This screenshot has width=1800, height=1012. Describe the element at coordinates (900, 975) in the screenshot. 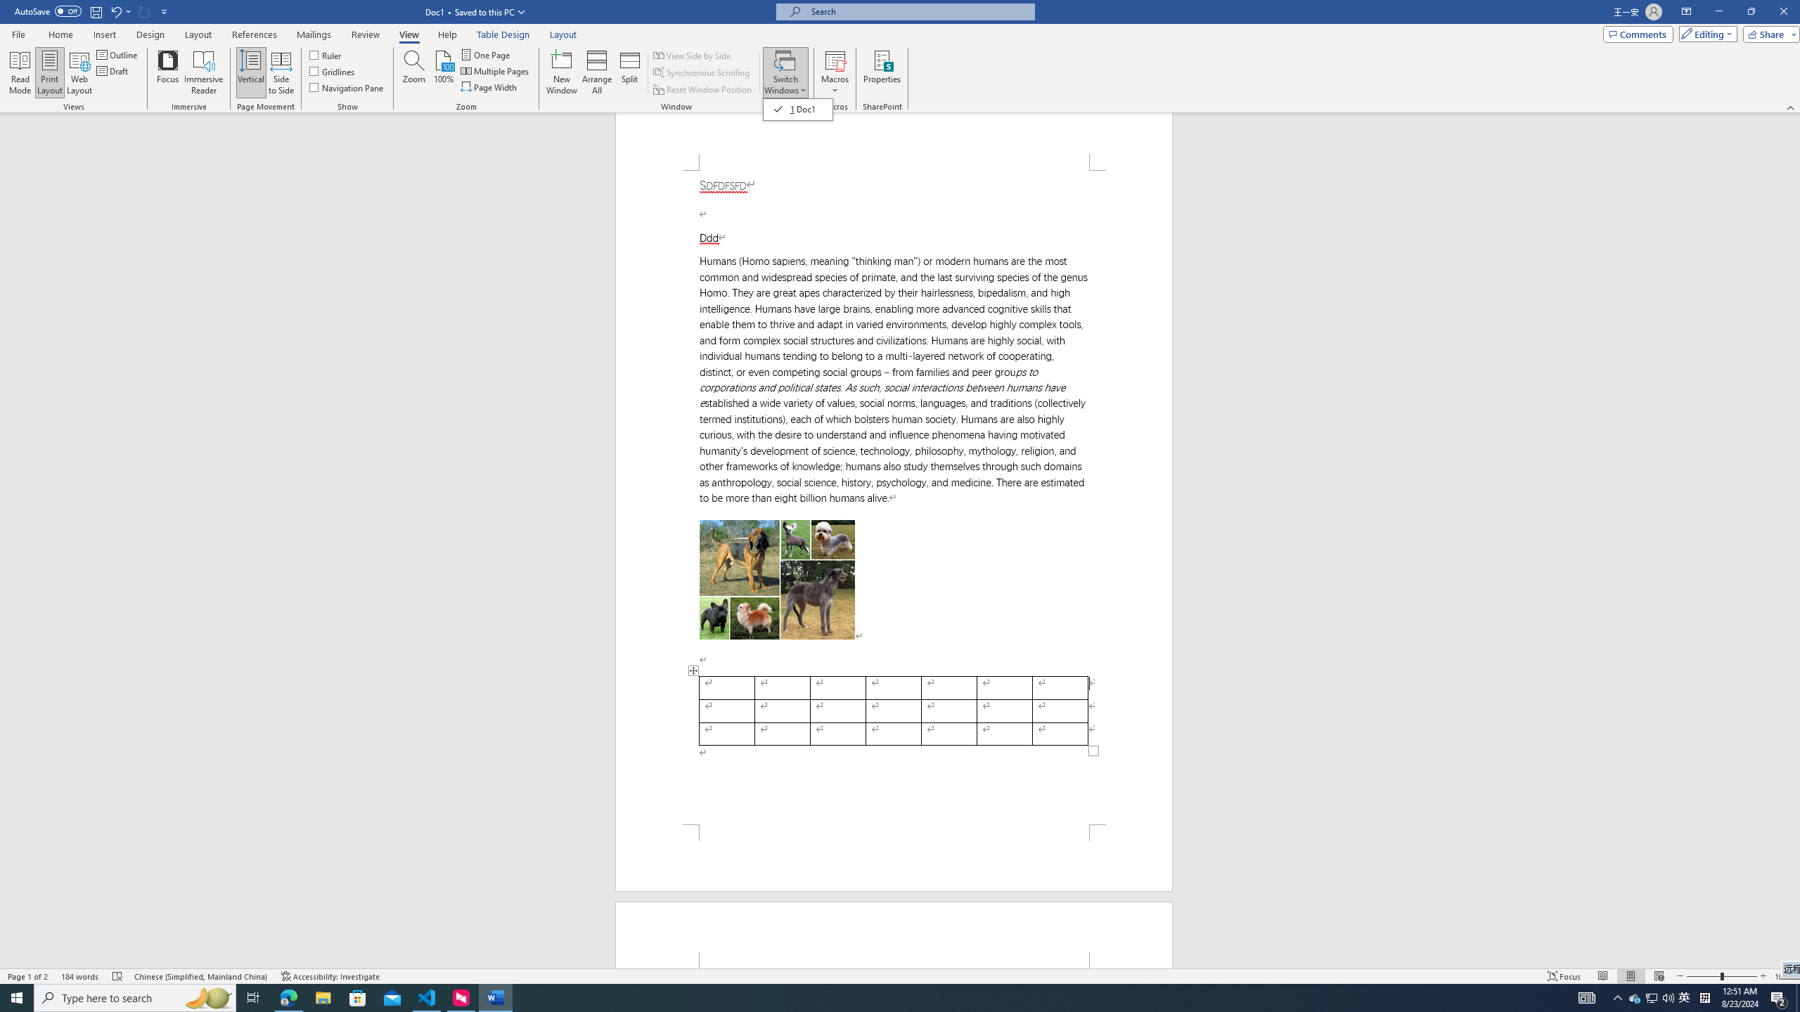

I see `'Class: MsoCommandBar'` at that location.